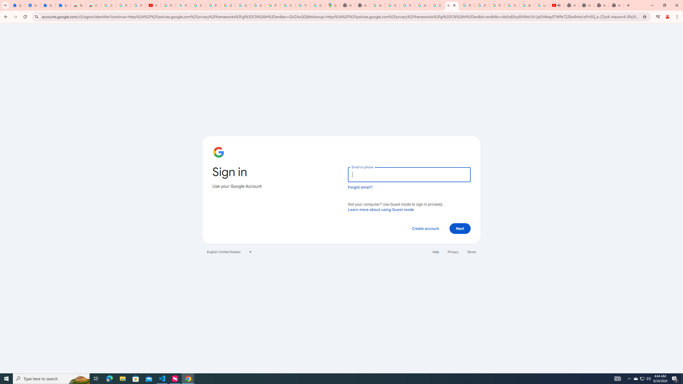  What do you see at coordinates (332, 5) in the screenshot?
I see `'Google Maps'` at bounding box center [332, 5].